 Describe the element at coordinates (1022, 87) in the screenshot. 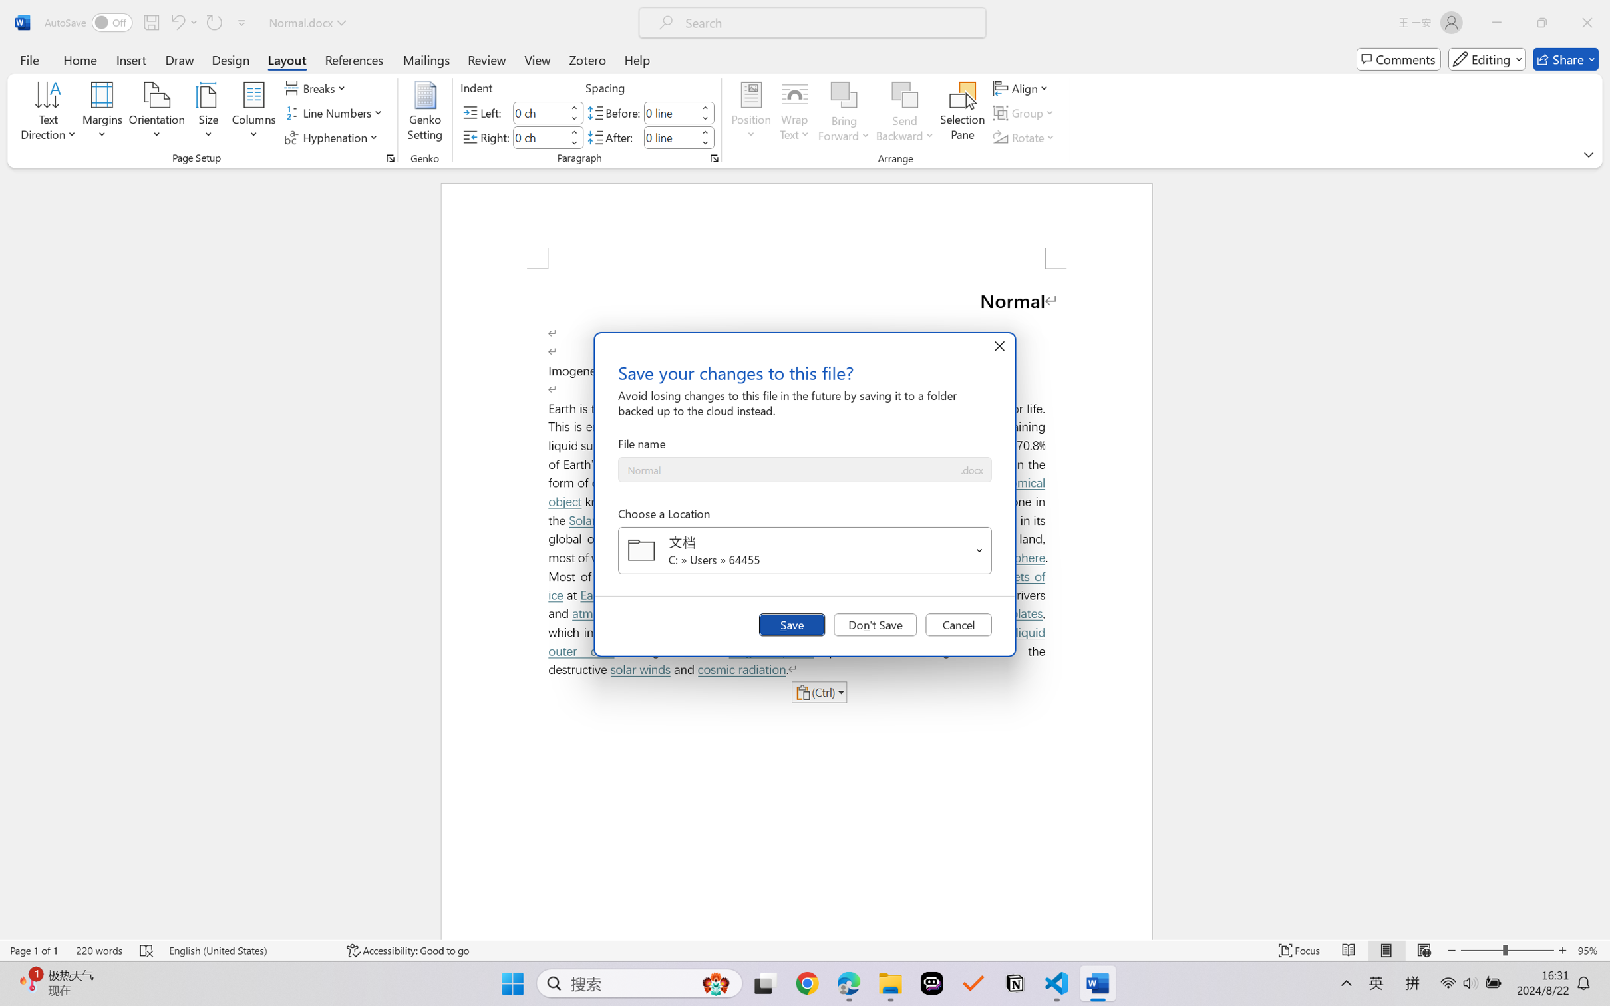

I see `'Align'` at that location.